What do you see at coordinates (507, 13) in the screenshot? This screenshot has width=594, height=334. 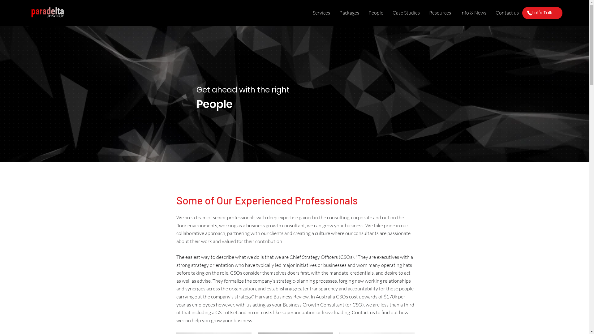 I see `'Contact us'` at bounding box center [507, 13].